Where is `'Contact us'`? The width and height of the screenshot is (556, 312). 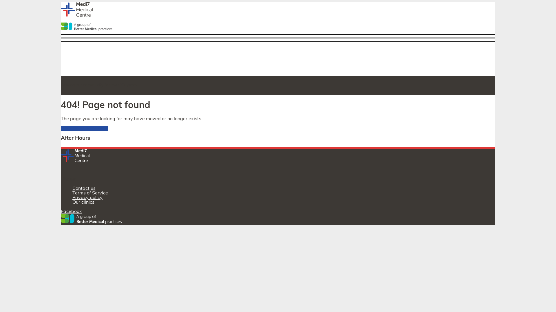 'Contact us' is located at coordinates (72, 188).